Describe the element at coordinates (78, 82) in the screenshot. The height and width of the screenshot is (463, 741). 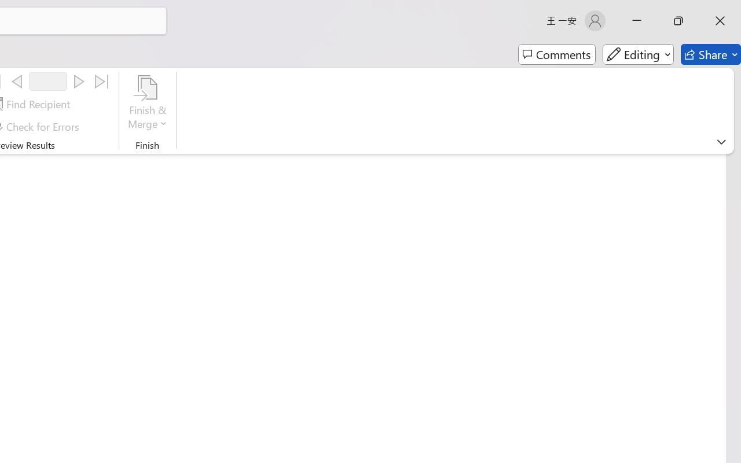
I see `'Next'` at that location.